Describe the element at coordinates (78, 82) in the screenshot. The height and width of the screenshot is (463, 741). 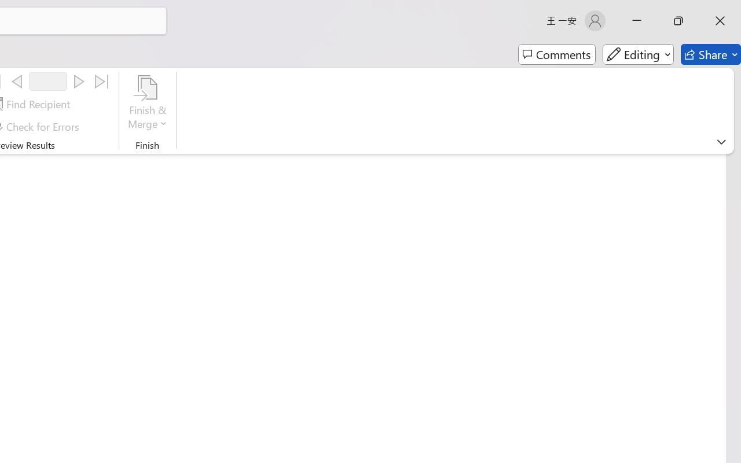
I see `'Next'` at that location.